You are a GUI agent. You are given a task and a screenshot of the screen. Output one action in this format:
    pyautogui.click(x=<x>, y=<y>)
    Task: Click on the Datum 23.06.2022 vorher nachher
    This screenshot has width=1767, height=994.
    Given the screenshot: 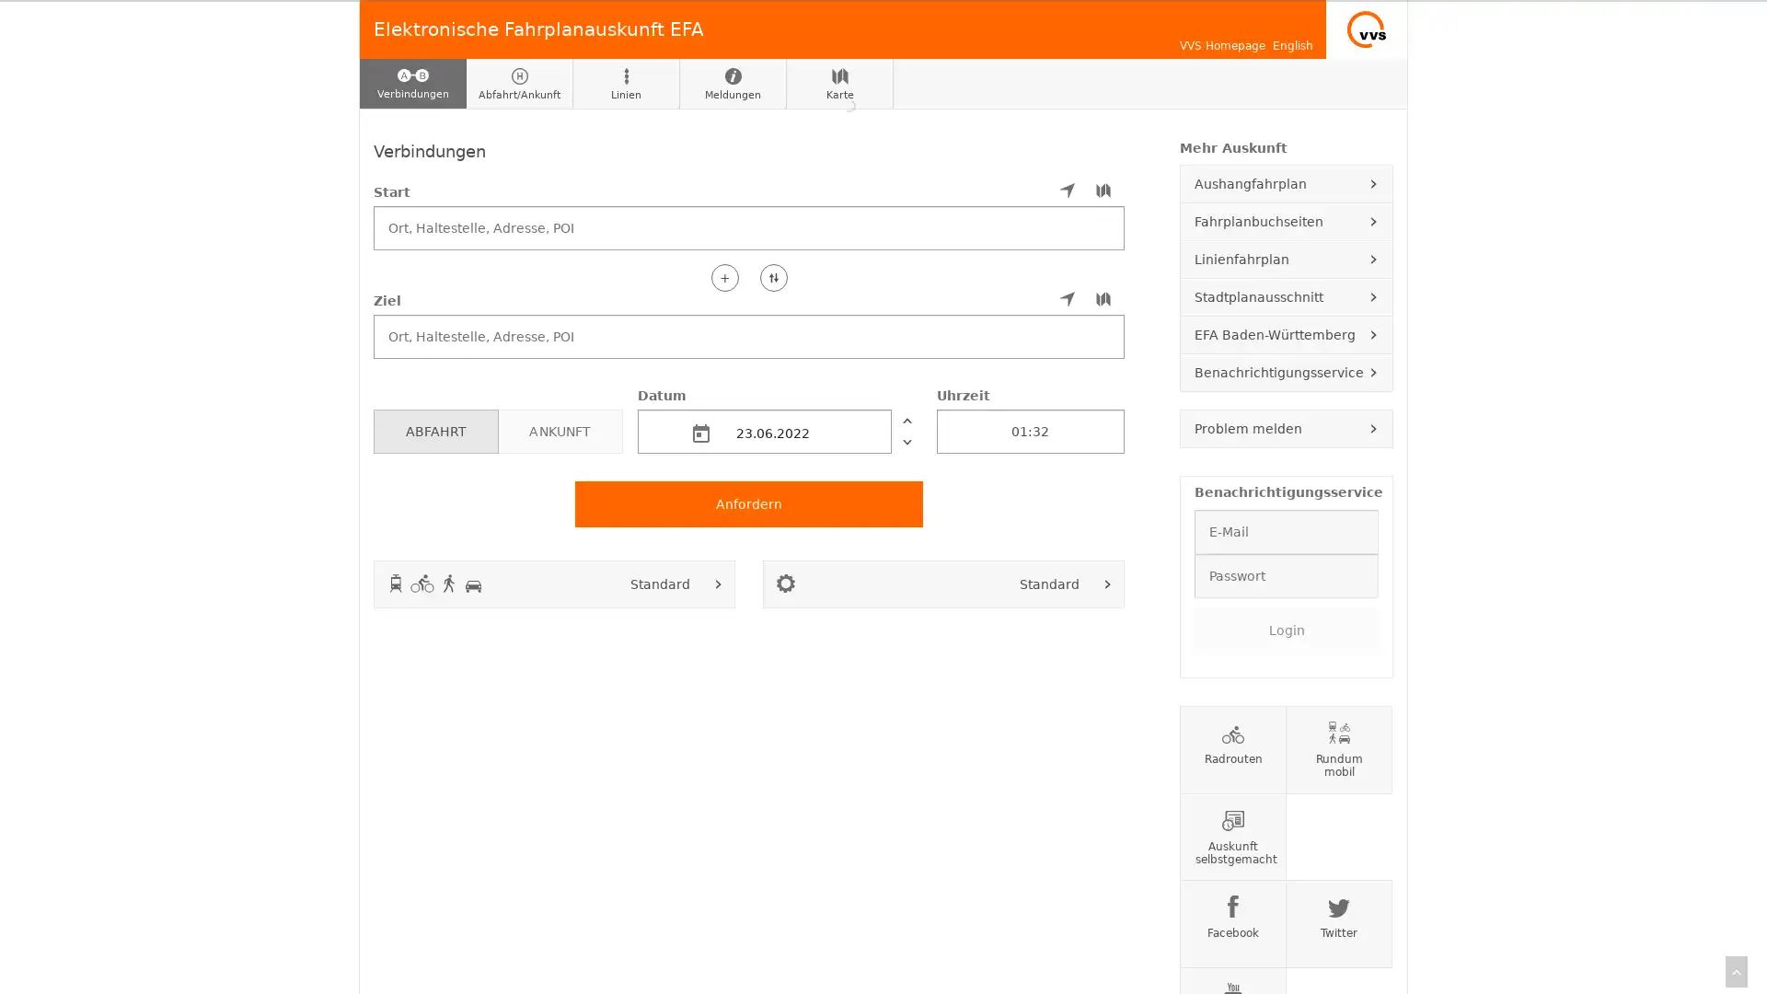 What is the action you would take?
    pyautogui.click(x=779, y=419)
    